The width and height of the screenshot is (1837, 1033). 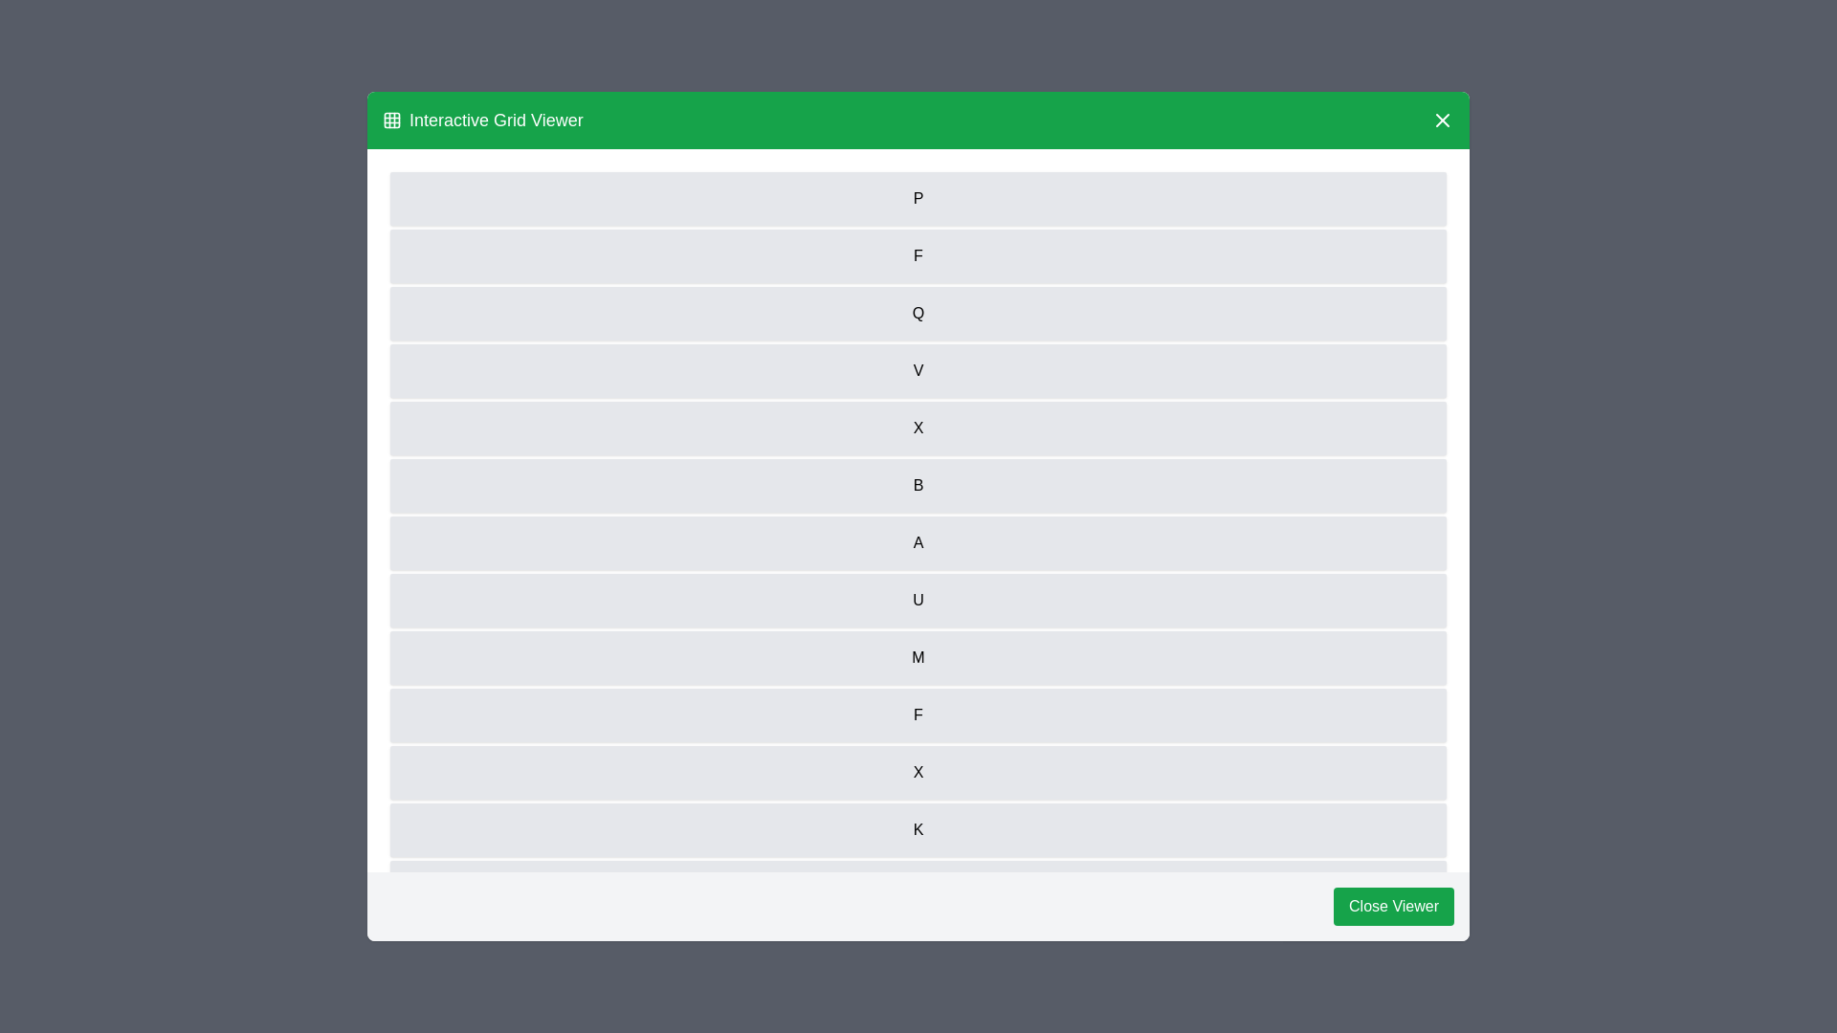 I want to click on the 'Close Viewer' button to close the dialog, so click(x=1394, y=906).